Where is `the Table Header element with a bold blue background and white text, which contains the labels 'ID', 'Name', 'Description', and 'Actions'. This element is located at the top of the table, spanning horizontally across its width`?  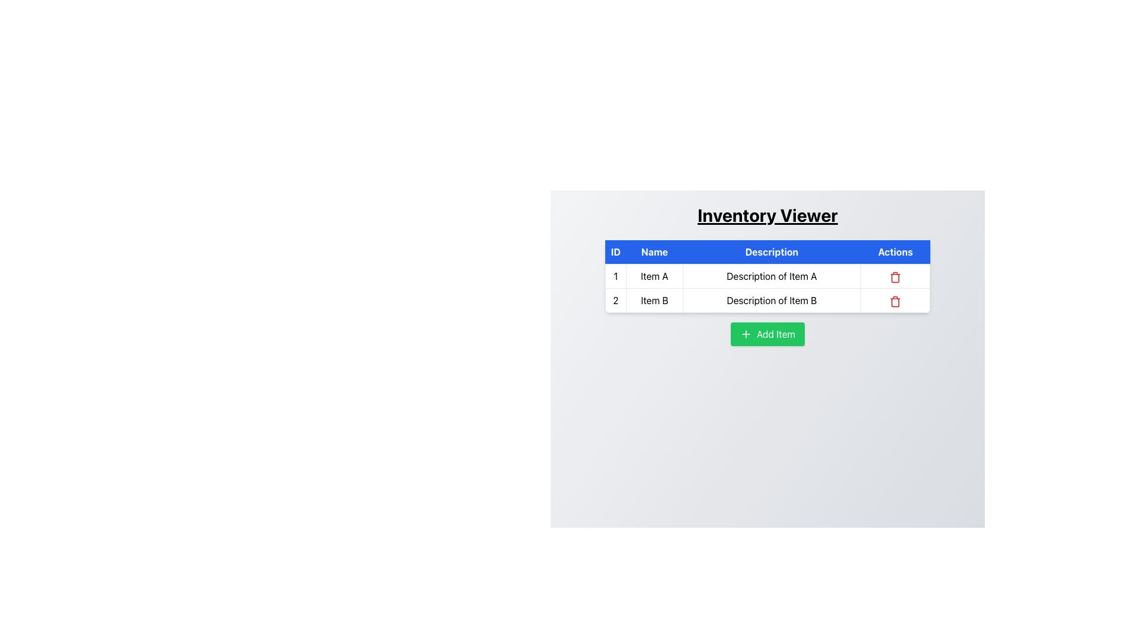
the Table Header element with a bold blue background and white text, which contains the labels 'ID', 'Name', 'Description', and 'Actions'. This element is located at the top of the table, spanning horizontally across its width is located at coordinates (767, 251).